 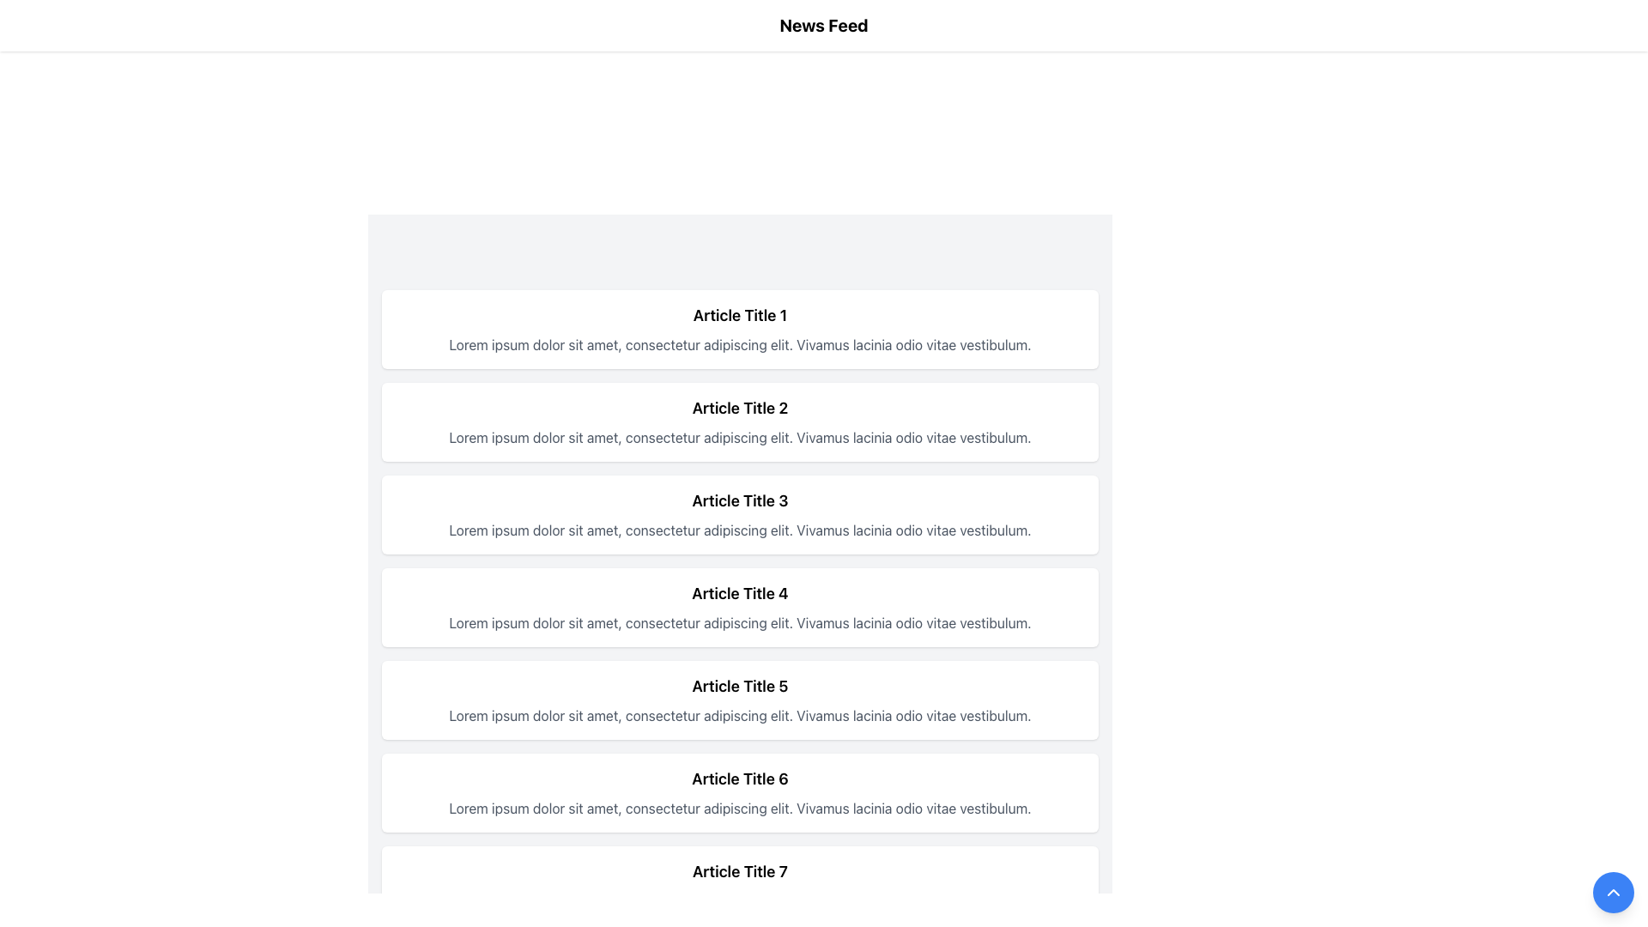 I want to click on the List Item containing the text 'Article Title 7' to read more, so click(x=740, y=886).